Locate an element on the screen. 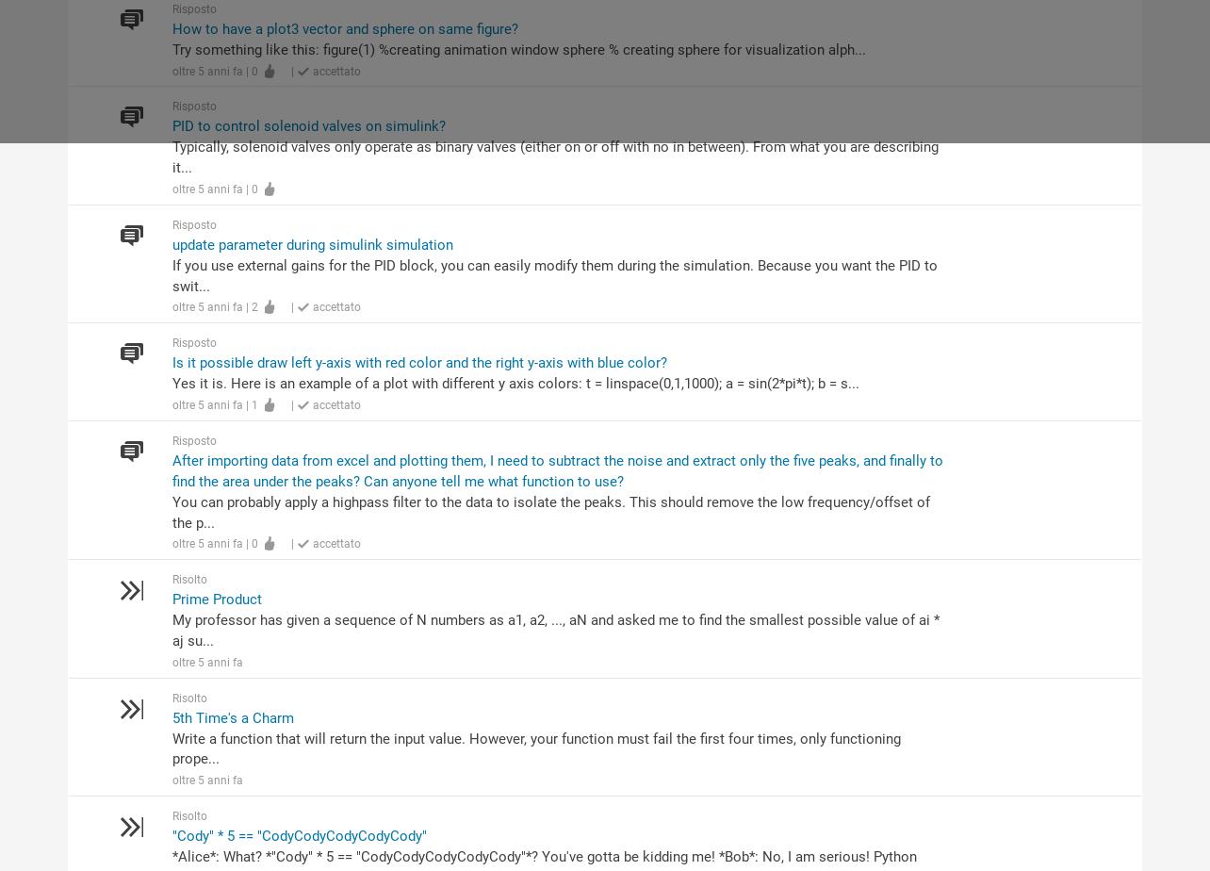 This screenshot has width=1210, height=871. 'You can probably apply a highpass filter to the data to isolate the peaks.  This should remove the low frequency/offset of the p...' is located at coordinates (548, 512).